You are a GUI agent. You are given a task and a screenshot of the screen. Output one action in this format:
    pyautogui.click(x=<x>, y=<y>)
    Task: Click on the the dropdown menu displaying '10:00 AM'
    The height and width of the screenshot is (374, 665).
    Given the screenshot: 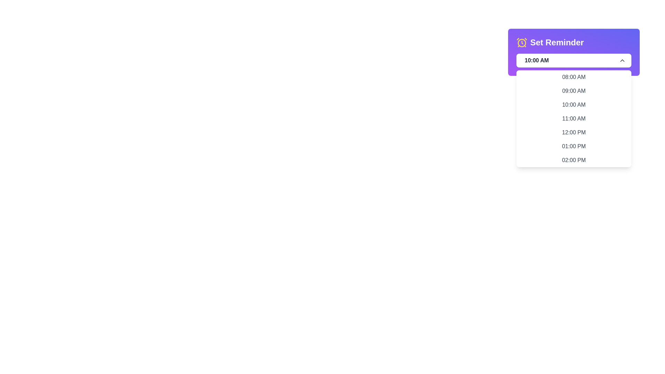 What is the action you would take?
    pyautogui.click(x=574, y=60)
    